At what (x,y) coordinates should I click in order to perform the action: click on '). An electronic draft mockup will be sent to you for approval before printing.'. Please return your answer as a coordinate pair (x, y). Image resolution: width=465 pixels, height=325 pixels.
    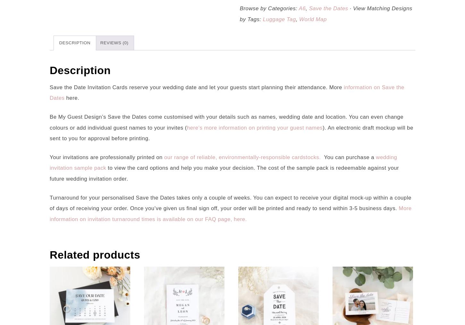
    Looking at the image, I should click on (49, 133).